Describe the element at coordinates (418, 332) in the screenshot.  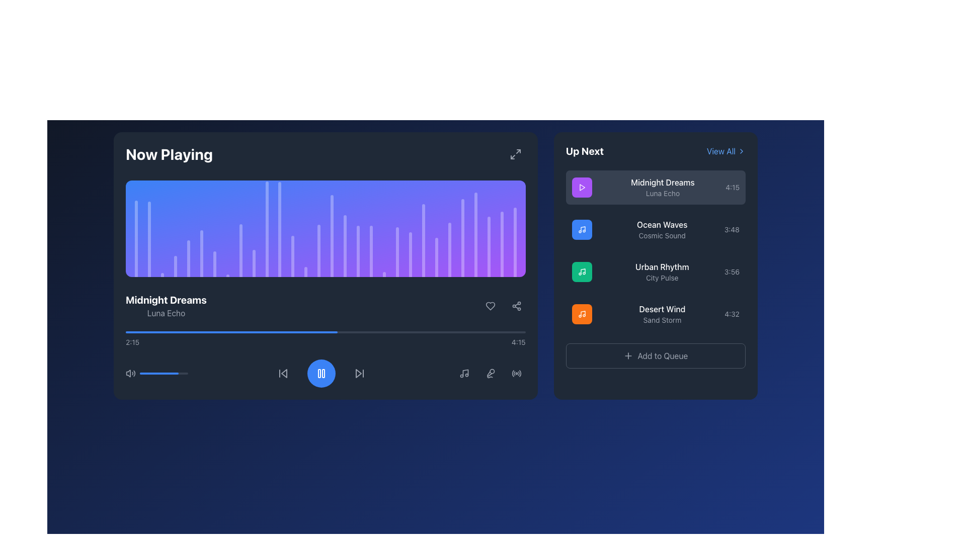
I see `the progress bar` at that location.